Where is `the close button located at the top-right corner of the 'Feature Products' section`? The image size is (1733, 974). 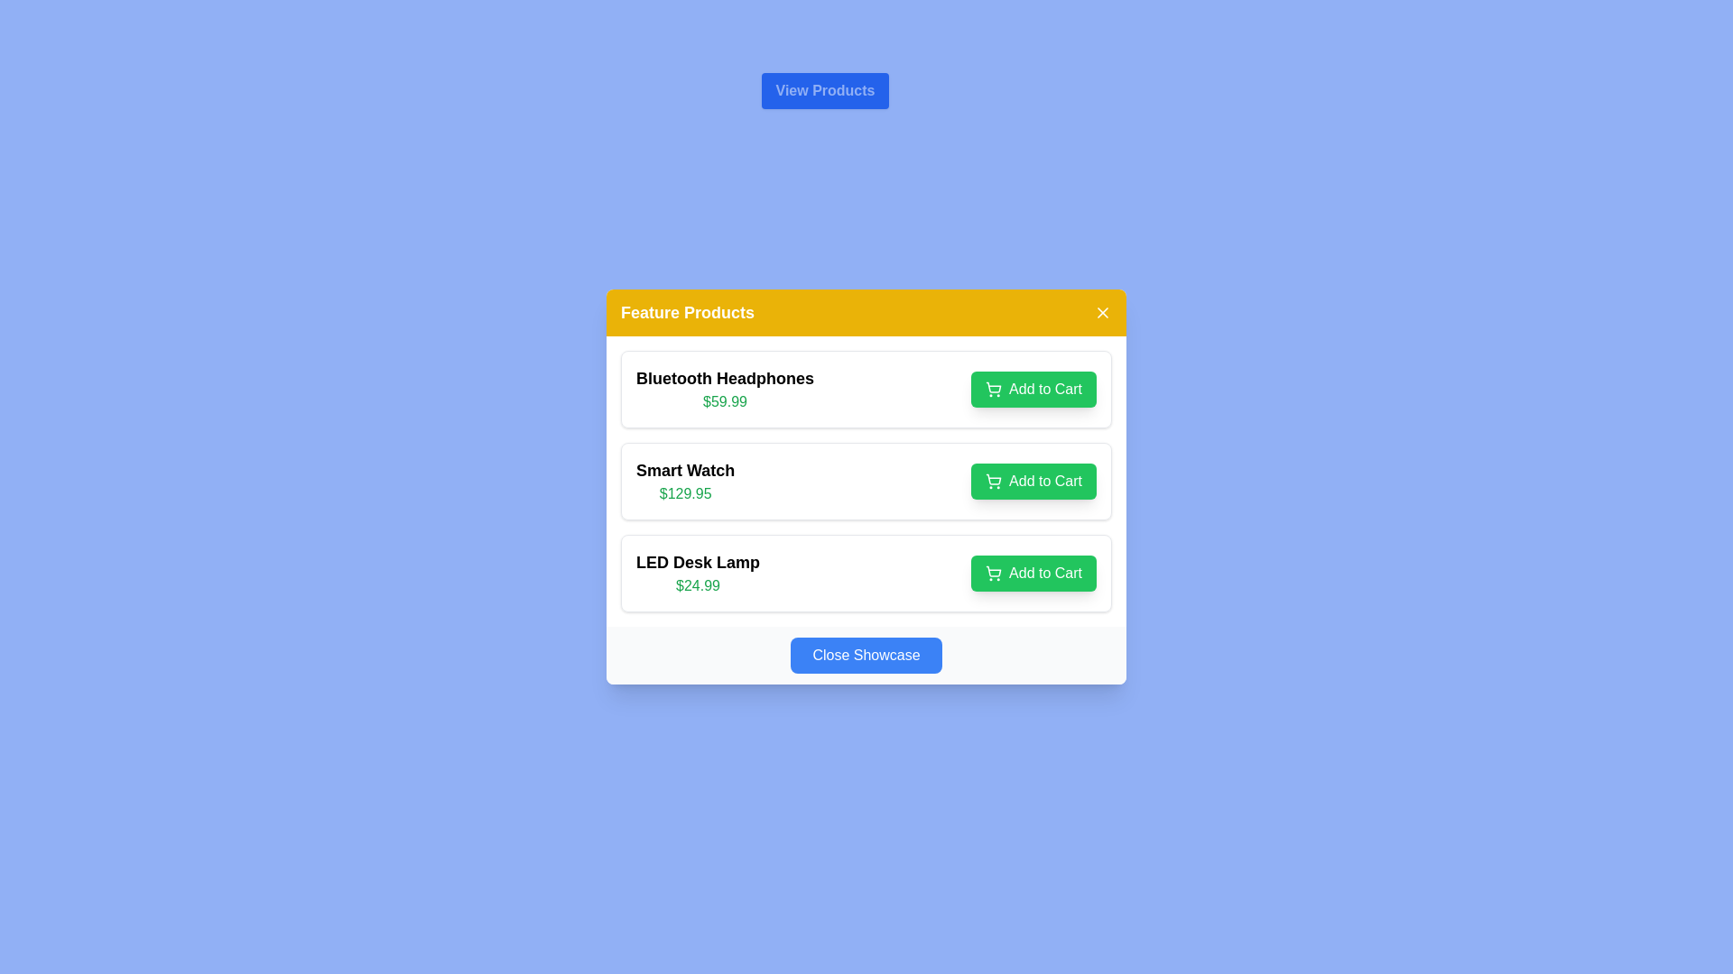
the close button located at the top-right corner of the 'Feature Products' section is located at coordinates (1102, 312).